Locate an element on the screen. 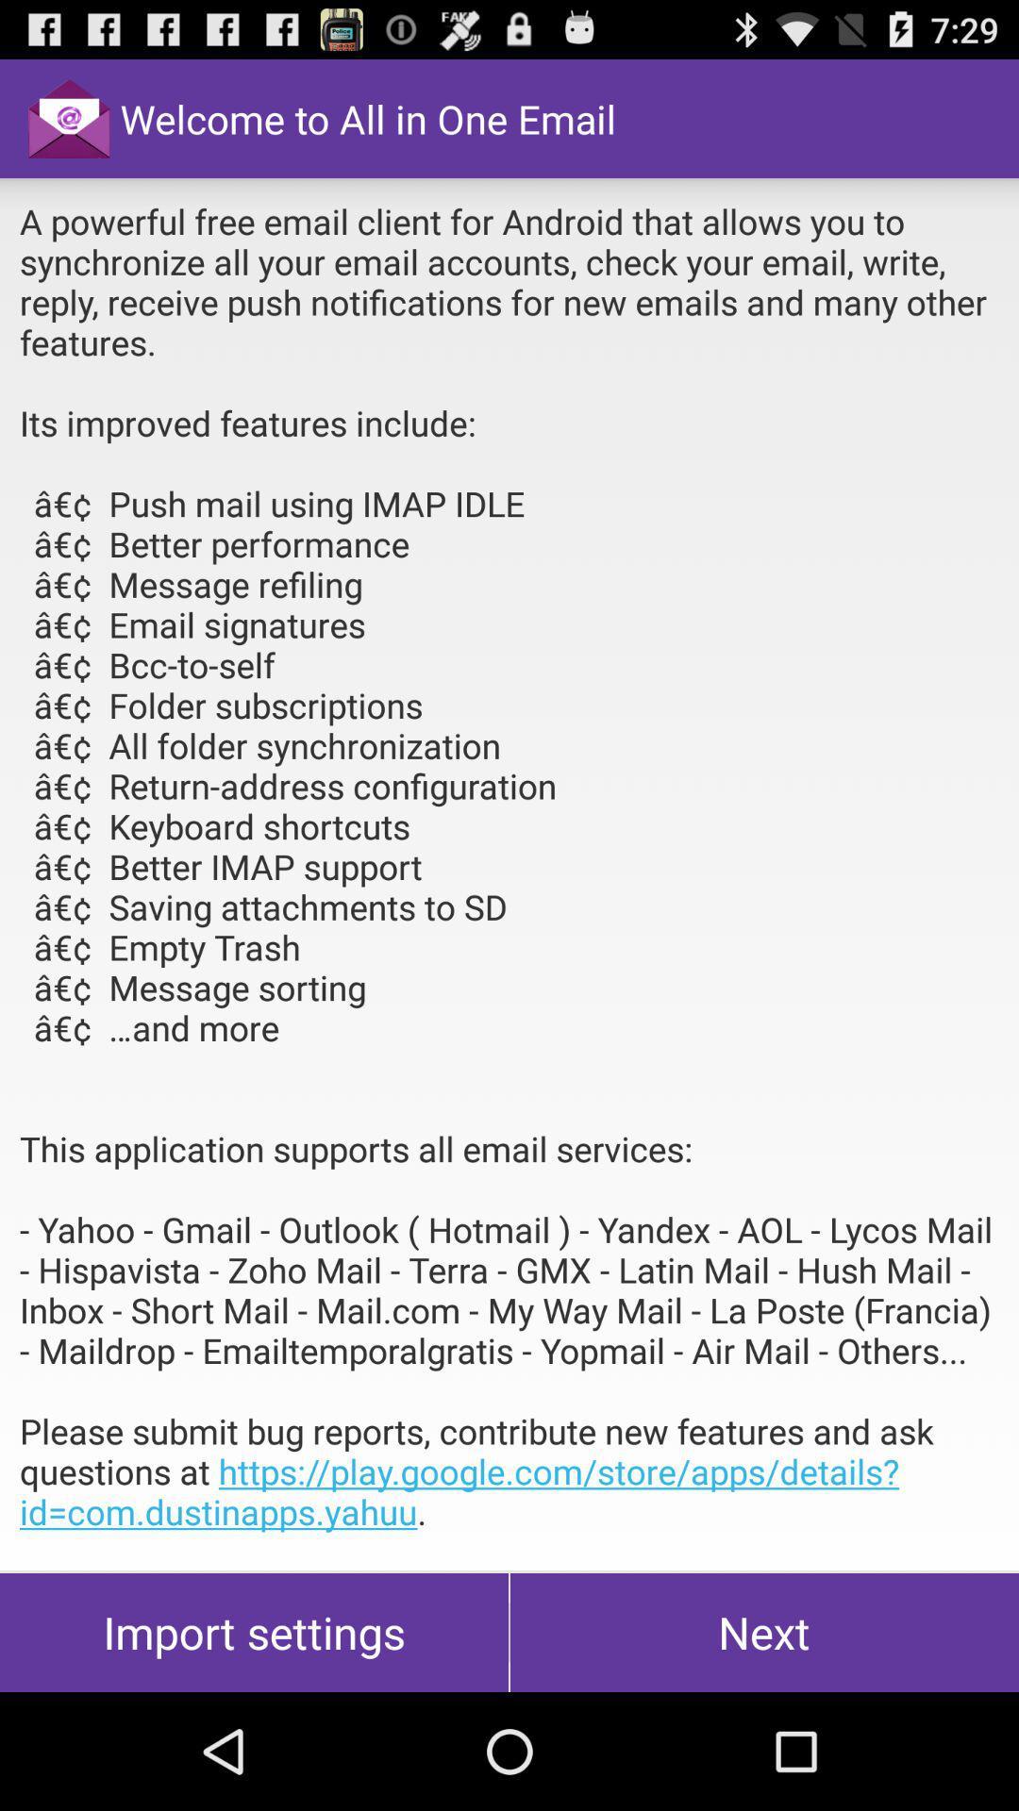  the item at the center is located at coordinates (509, 872).